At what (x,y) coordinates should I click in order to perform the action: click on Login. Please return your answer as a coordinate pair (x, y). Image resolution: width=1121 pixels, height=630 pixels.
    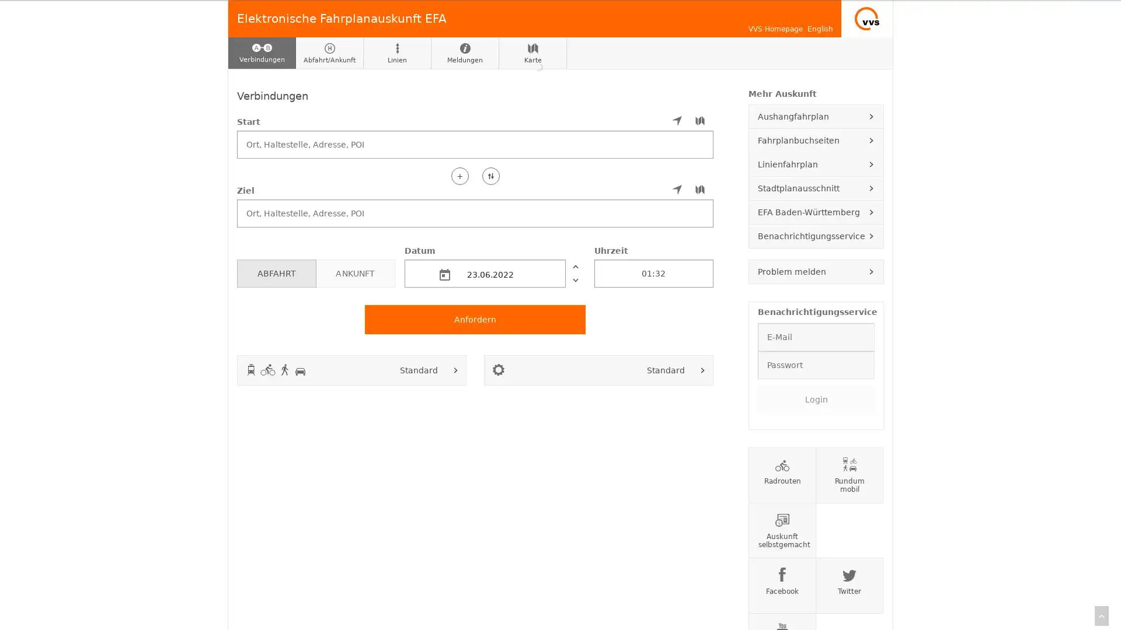
    Looking at the image, I should click on (815, 398).